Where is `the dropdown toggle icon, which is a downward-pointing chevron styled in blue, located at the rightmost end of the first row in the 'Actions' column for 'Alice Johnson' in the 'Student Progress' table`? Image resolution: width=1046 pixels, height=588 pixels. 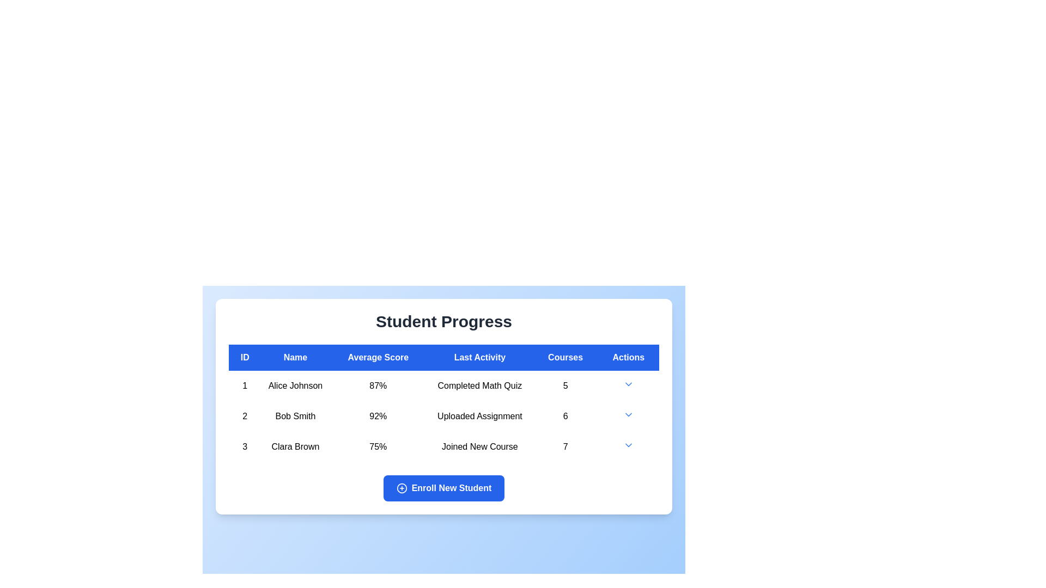
the dropdown toggle icon, which is a downward-pointing chevron styled in blue, located at the rightmost end of the first row in the 'Actions' column for 'Alice Johnson' in the 'Student Progress' table is located at coordinates (628, 383).